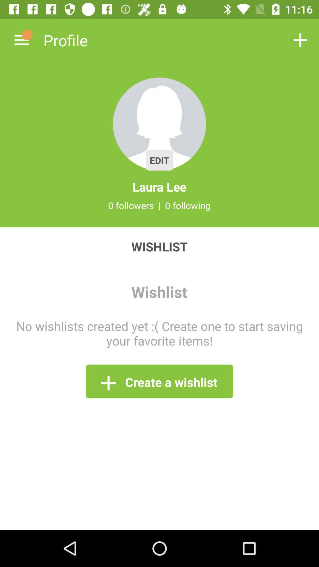  Describe the element at coordinates (21, 40) in the screenshot. I see `the icon to the left of the profile icon` at that location.